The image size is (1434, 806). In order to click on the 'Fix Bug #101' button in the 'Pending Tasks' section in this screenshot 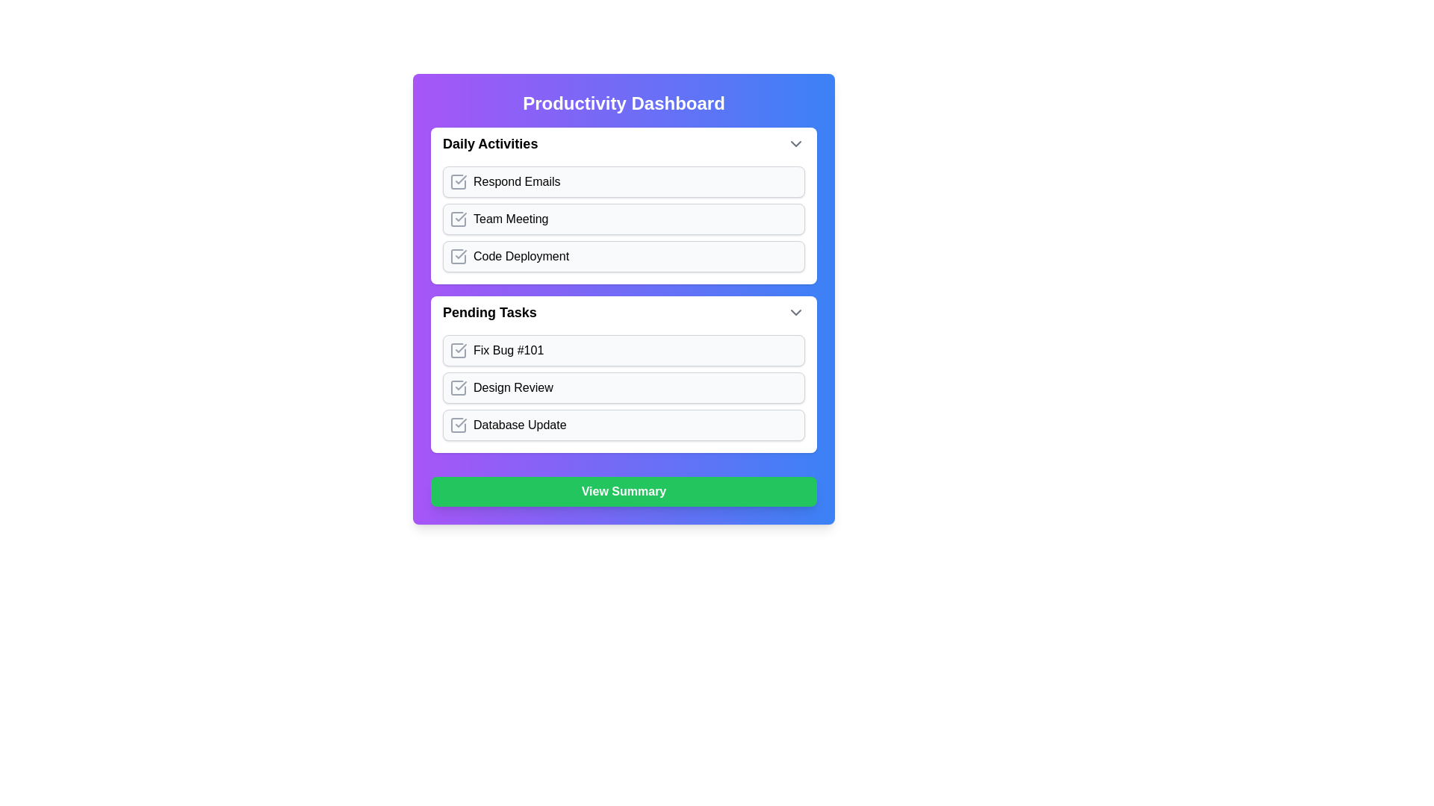, I will do `click(624, 351)`.